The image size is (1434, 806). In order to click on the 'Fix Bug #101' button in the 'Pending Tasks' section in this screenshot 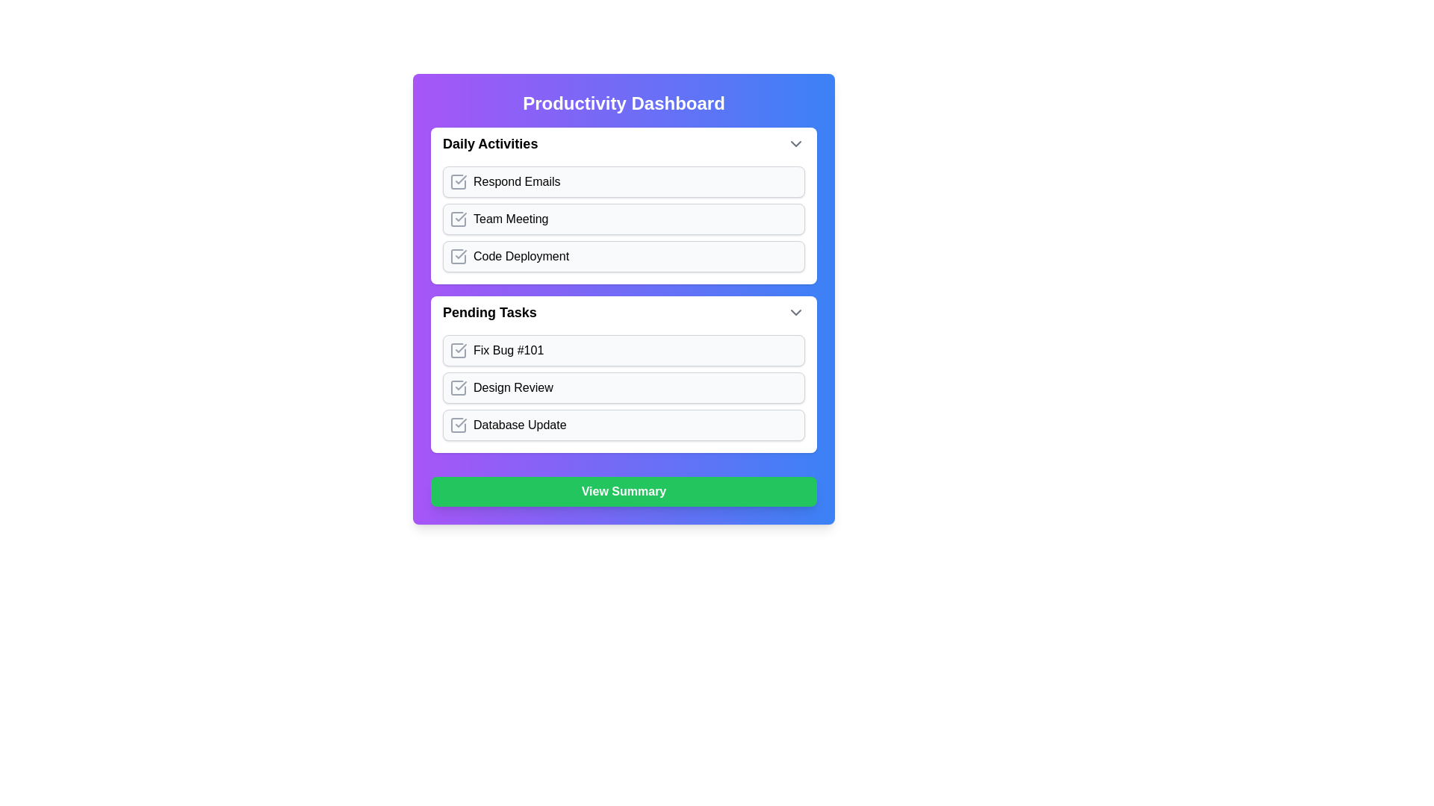, I will do `click(624, 351)`.